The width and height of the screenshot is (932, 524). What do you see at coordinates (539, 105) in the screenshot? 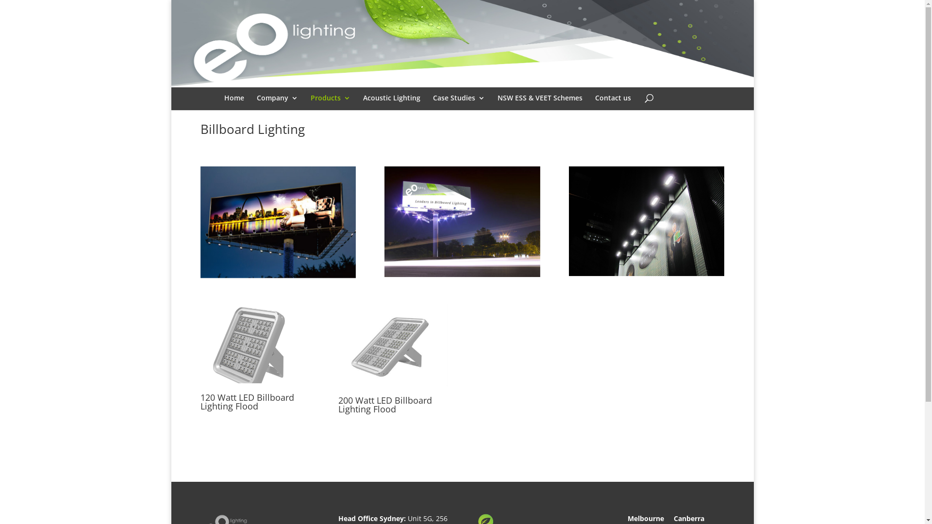
I see `'NSW ESS & VEET Schemes'` at bounding box center [539, 105].